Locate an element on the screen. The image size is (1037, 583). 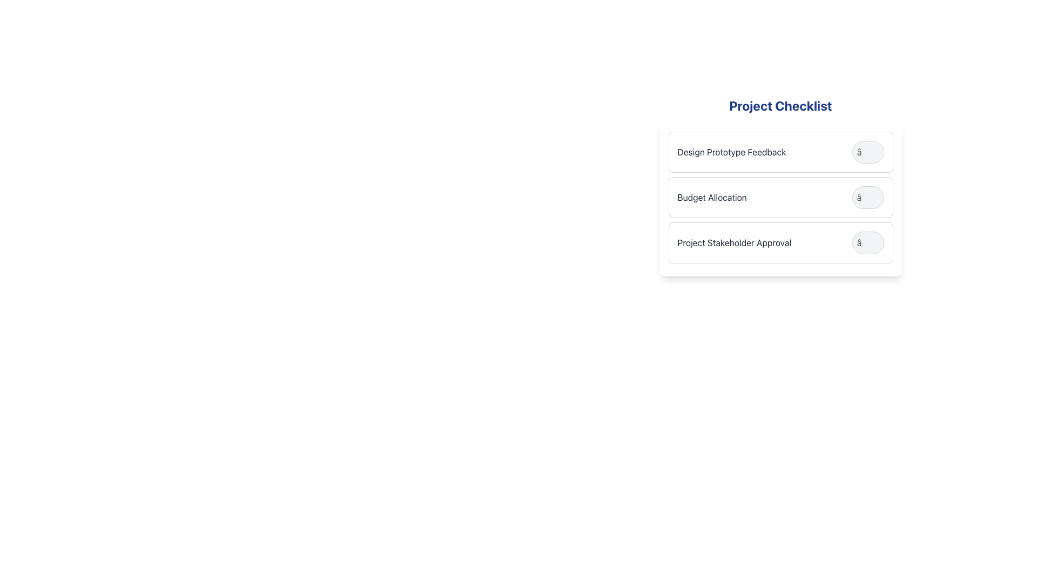
the interactive control button for 'Project Stakeholder Approval' in the 'Project Checklist' is located at coordinates (868, 243).